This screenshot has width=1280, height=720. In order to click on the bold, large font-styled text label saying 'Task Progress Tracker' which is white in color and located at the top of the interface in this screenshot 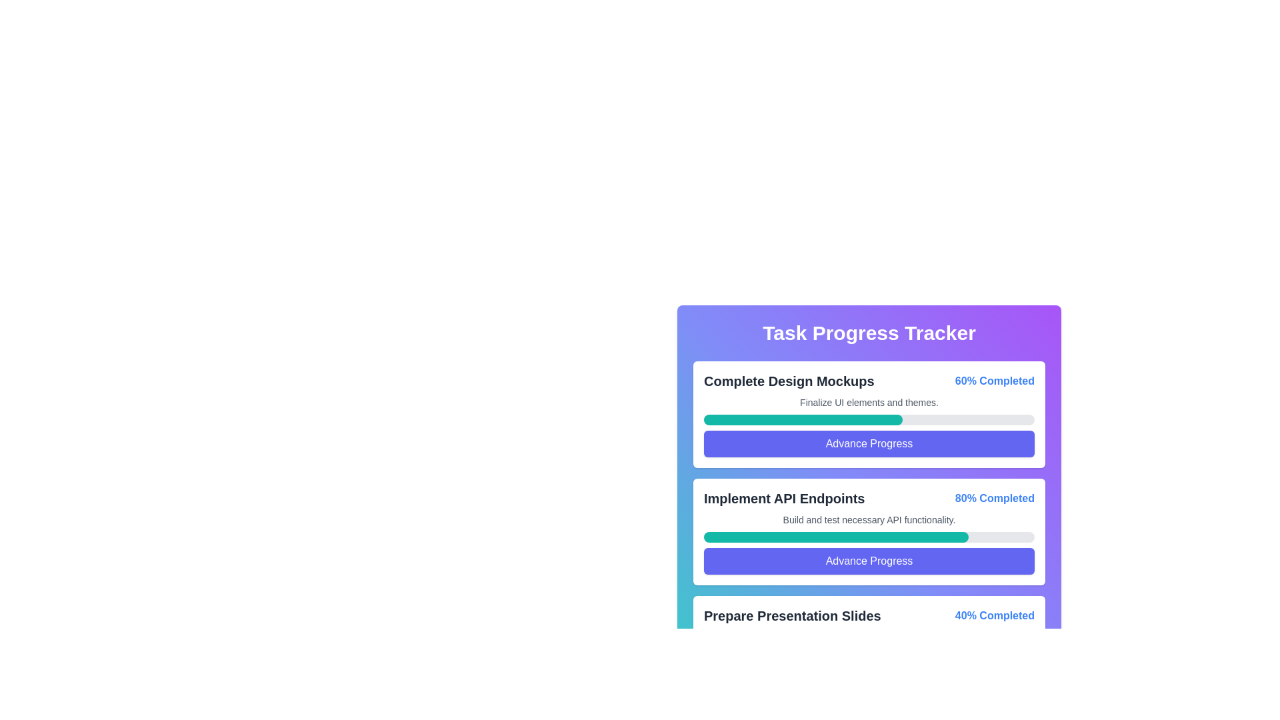, I will do `click(869, 333)`.